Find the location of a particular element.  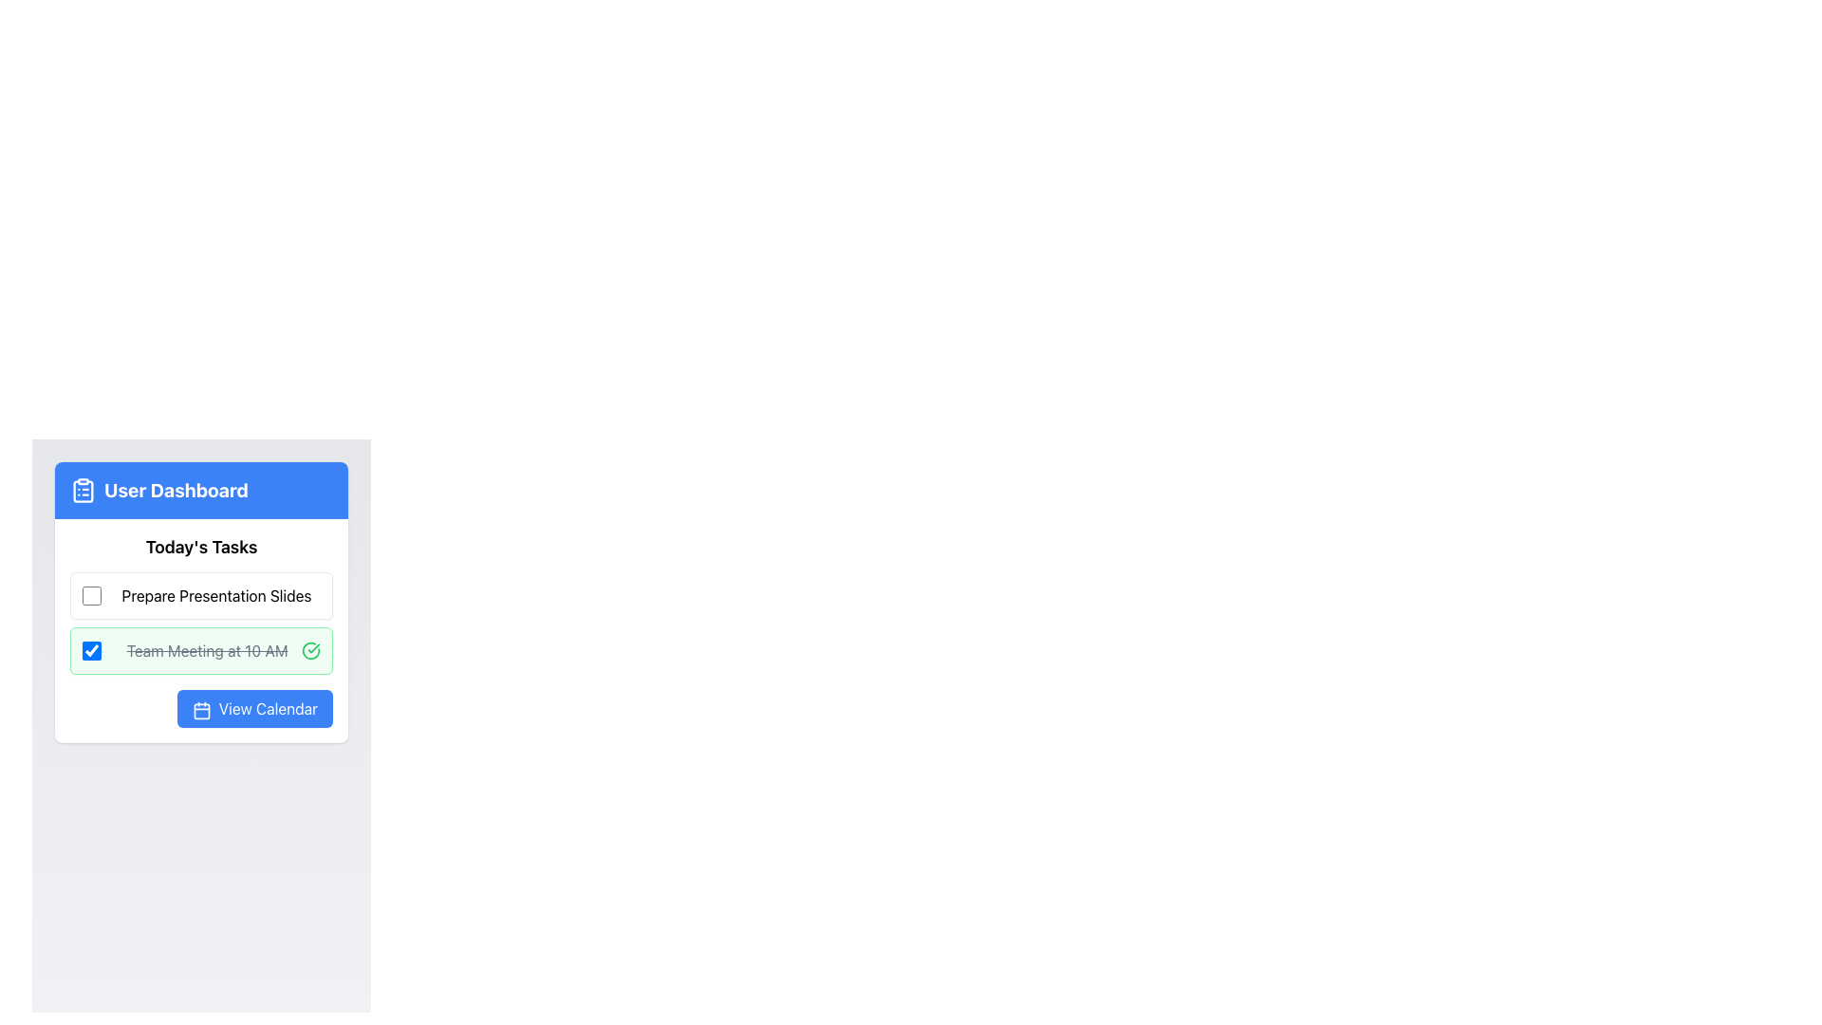

the calendar icon within the 'View Calendar' button located at the bottom section of the task management panel is located at coordinates (201, 711).